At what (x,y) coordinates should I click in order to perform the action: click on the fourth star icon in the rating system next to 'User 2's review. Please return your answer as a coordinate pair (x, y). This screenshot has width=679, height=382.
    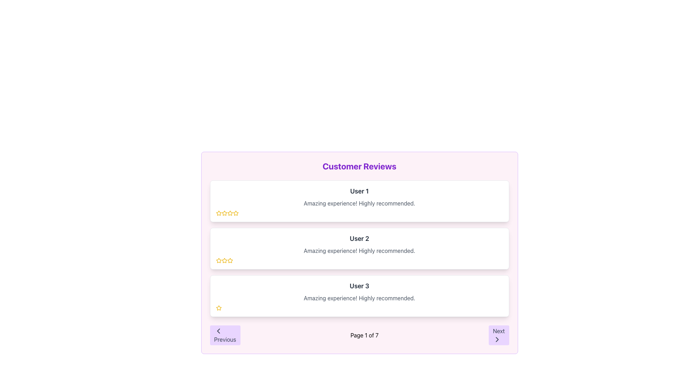
    Looking at the image, I should click on (230, 260).